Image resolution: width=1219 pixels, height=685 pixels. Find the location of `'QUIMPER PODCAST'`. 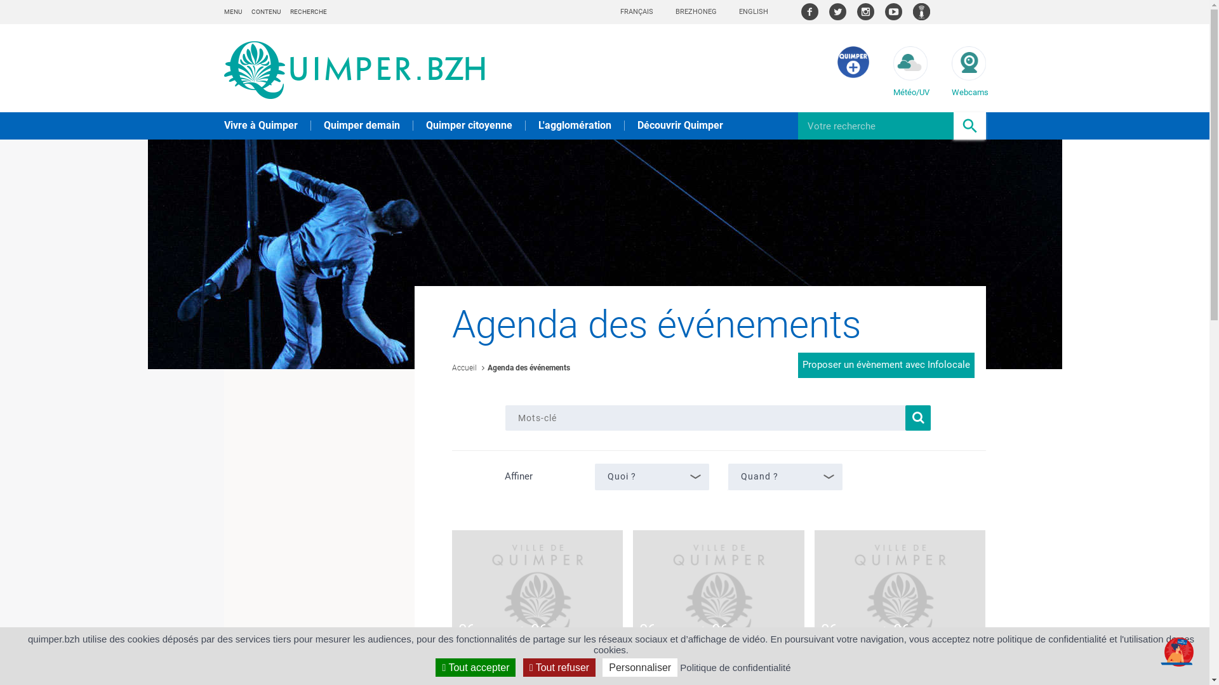

'QUIMPER PODCAST' is located at coordinates (912, 11).